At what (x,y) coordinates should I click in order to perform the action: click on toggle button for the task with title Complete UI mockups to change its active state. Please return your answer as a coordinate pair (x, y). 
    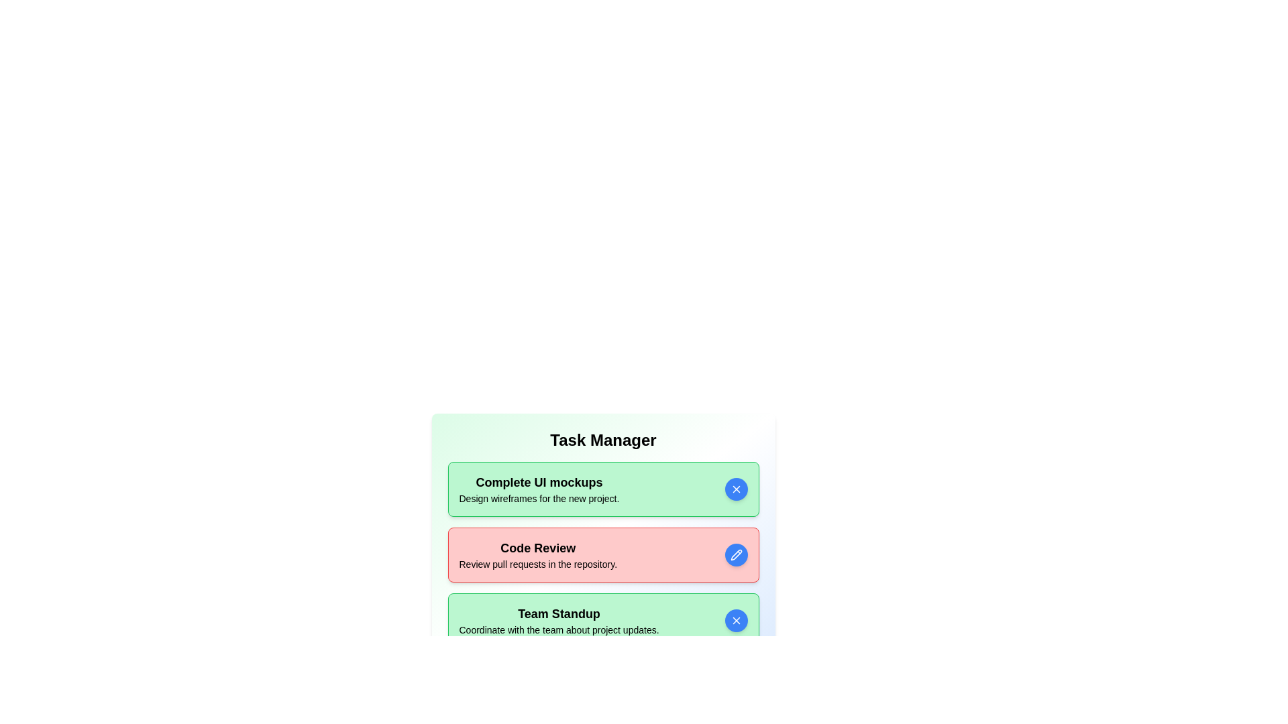
    Looking at the image, I should click on (735, 489).